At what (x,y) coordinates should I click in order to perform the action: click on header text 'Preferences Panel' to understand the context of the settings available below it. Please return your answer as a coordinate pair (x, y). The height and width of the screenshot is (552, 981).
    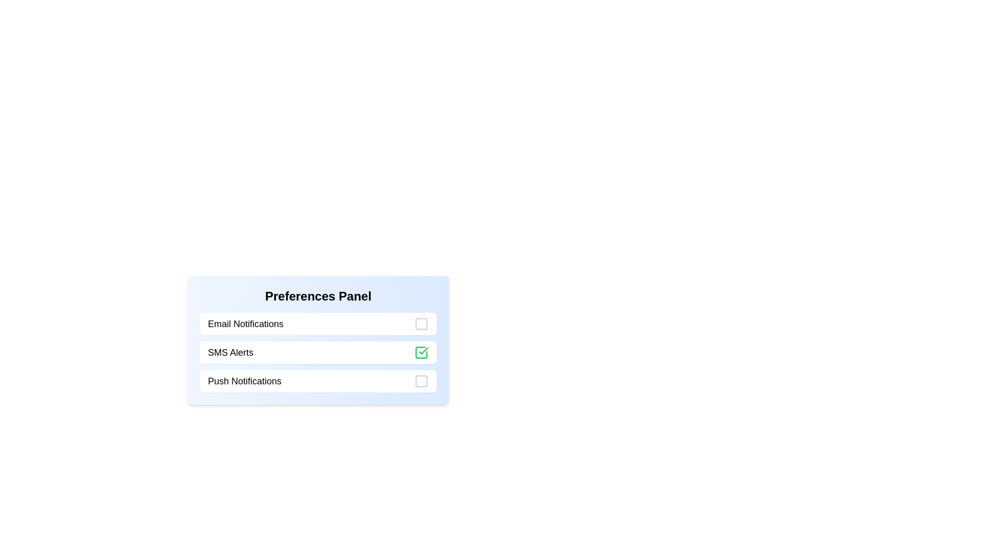
    Looking at the image, I should click on (318, 296).